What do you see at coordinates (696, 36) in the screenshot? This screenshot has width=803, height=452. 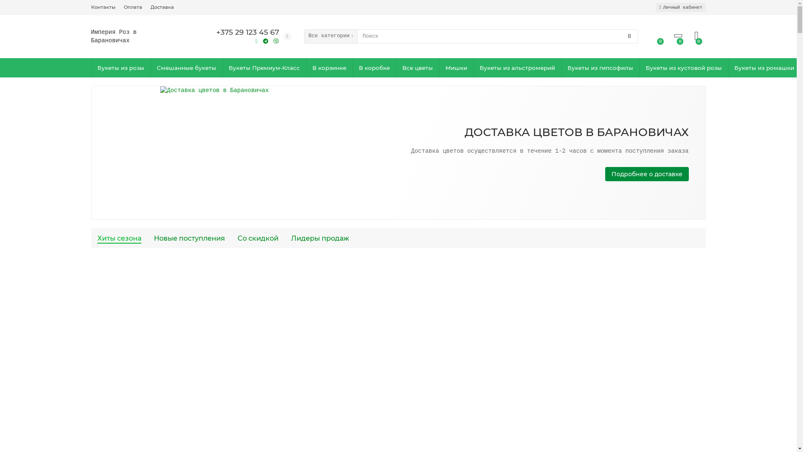 I see `'0'` at bounding box center [696, 36].